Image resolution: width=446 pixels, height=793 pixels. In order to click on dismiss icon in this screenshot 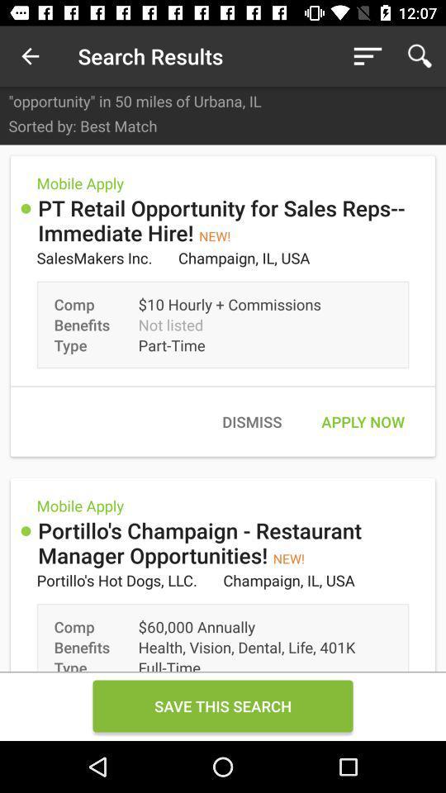, I will do `click(252, 420)`.